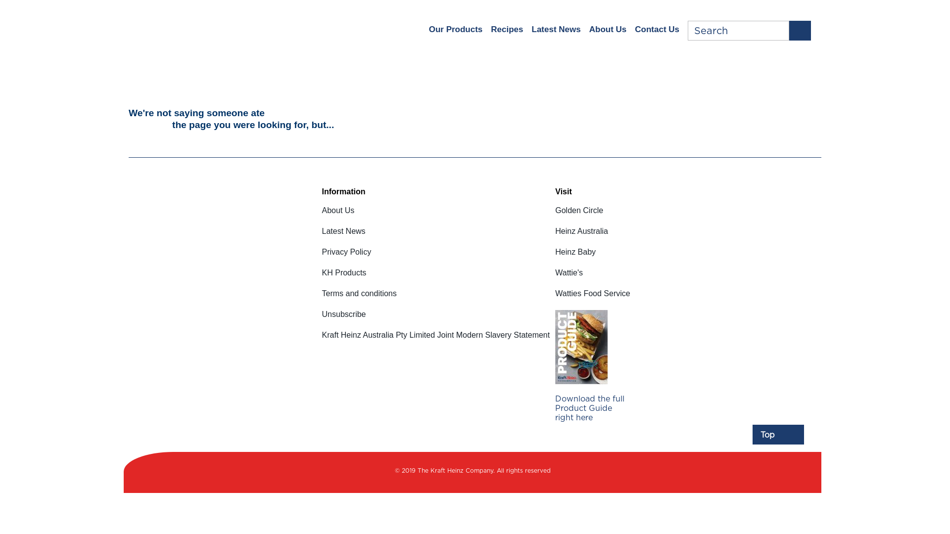 The width and height of the screenshot is (950, 534). I want to click on 'Latest News', so click(322, 237).